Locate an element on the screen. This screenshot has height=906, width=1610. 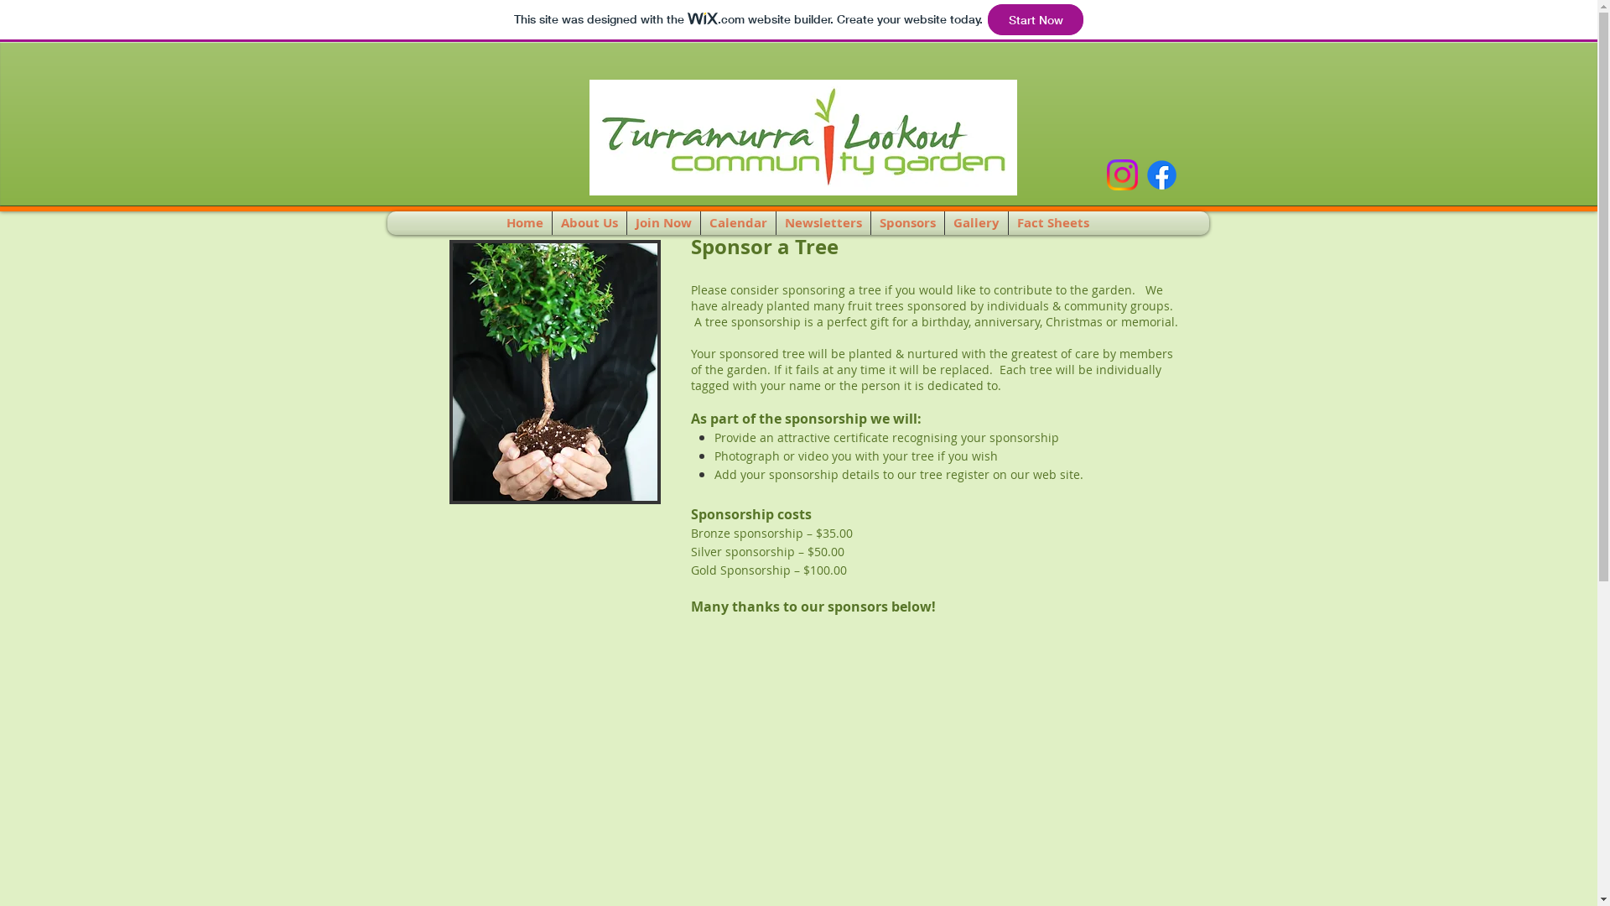
'Gallery' is located at coordinates (976, 222).